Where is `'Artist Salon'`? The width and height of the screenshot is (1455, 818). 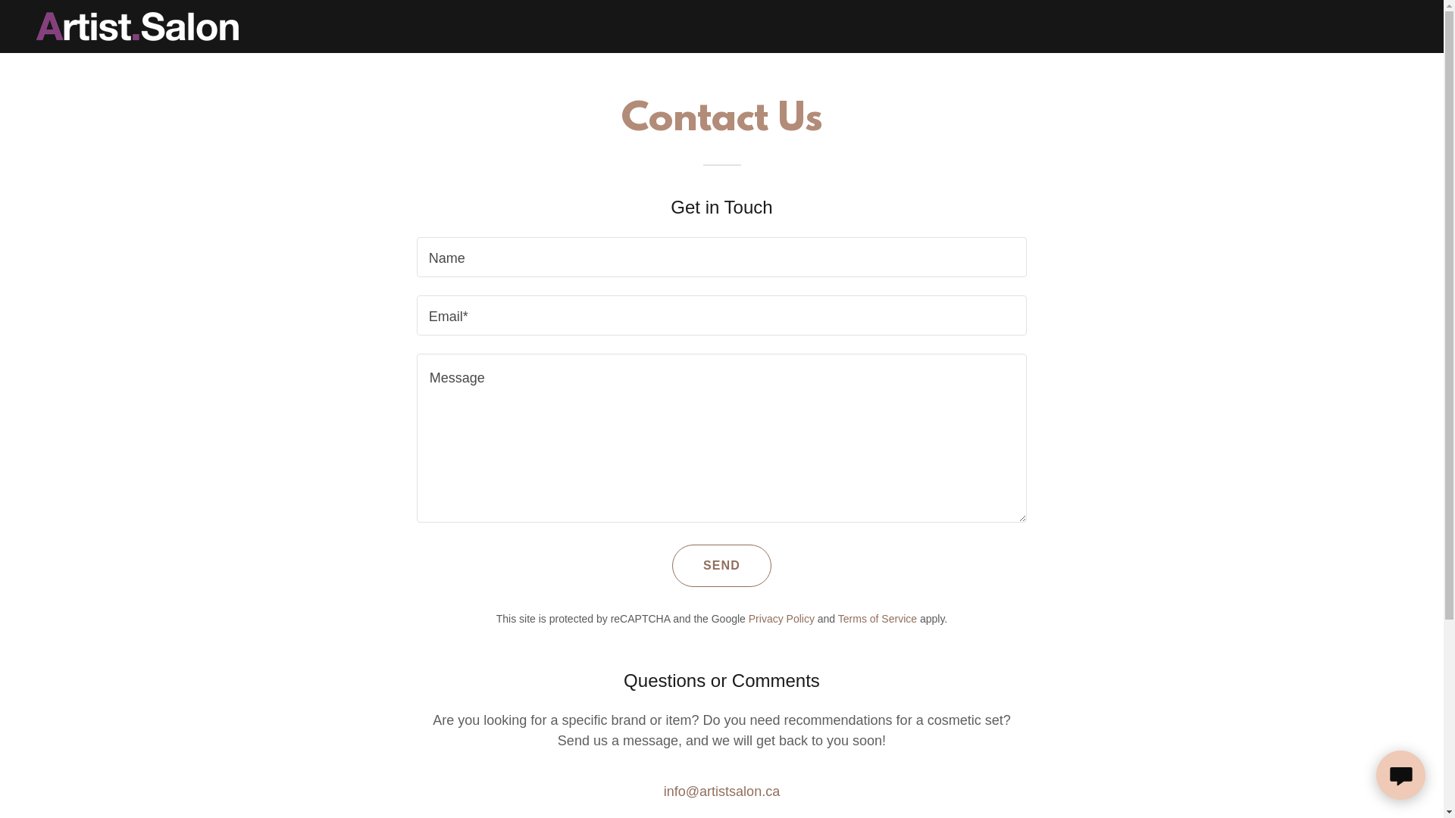 'Artist Salon' is located at coordinates (137, 26).